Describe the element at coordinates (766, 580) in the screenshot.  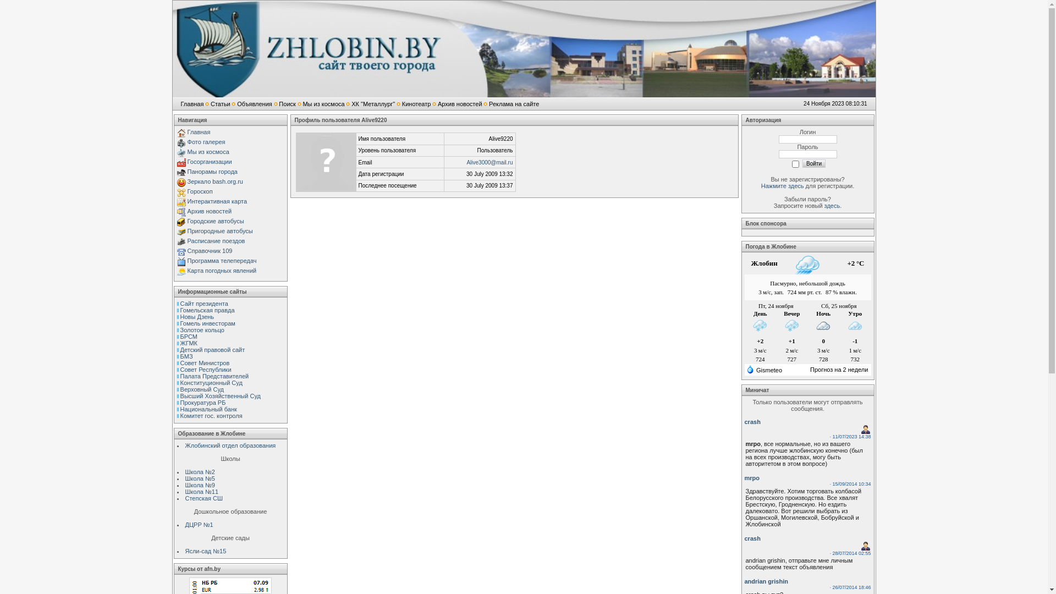
I see `'andrian grishin'` at that location.